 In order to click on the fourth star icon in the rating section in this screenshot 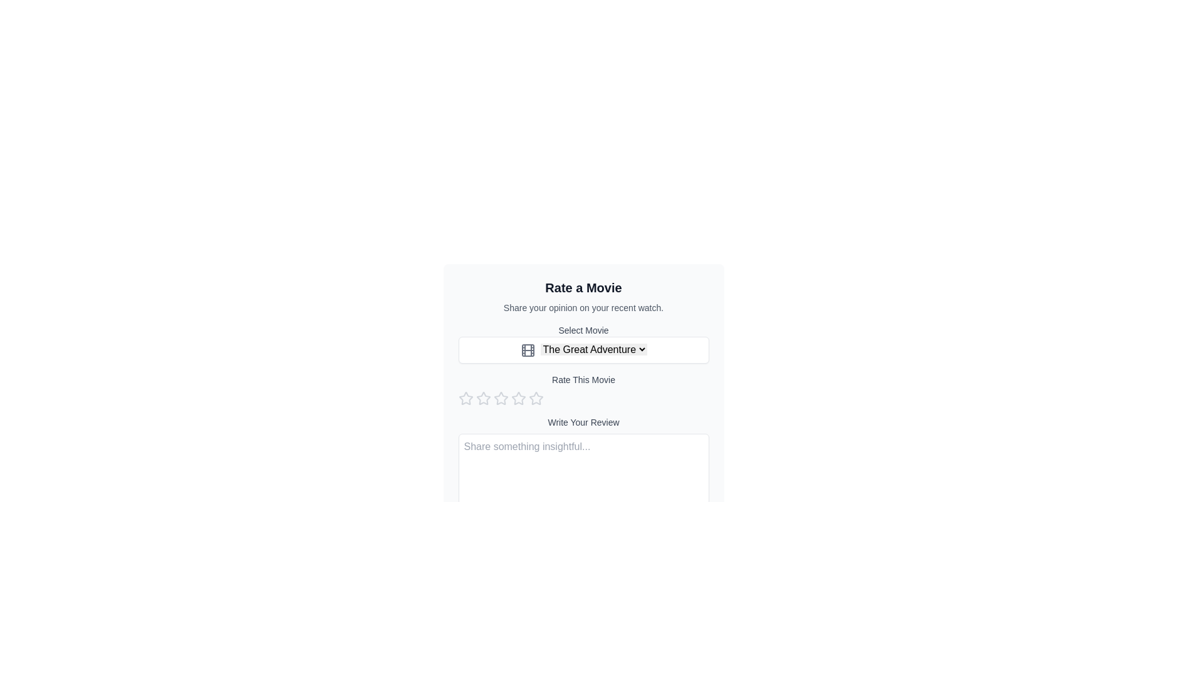, I will do `click(536, 398)`.